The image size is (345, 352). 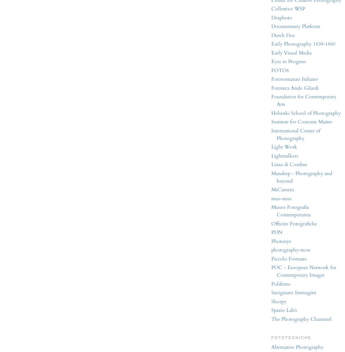 What do you see at coordinates (288, 8) in the screenshot?
I see `'Collettivo WSP'` at bounding box center [288, 8].